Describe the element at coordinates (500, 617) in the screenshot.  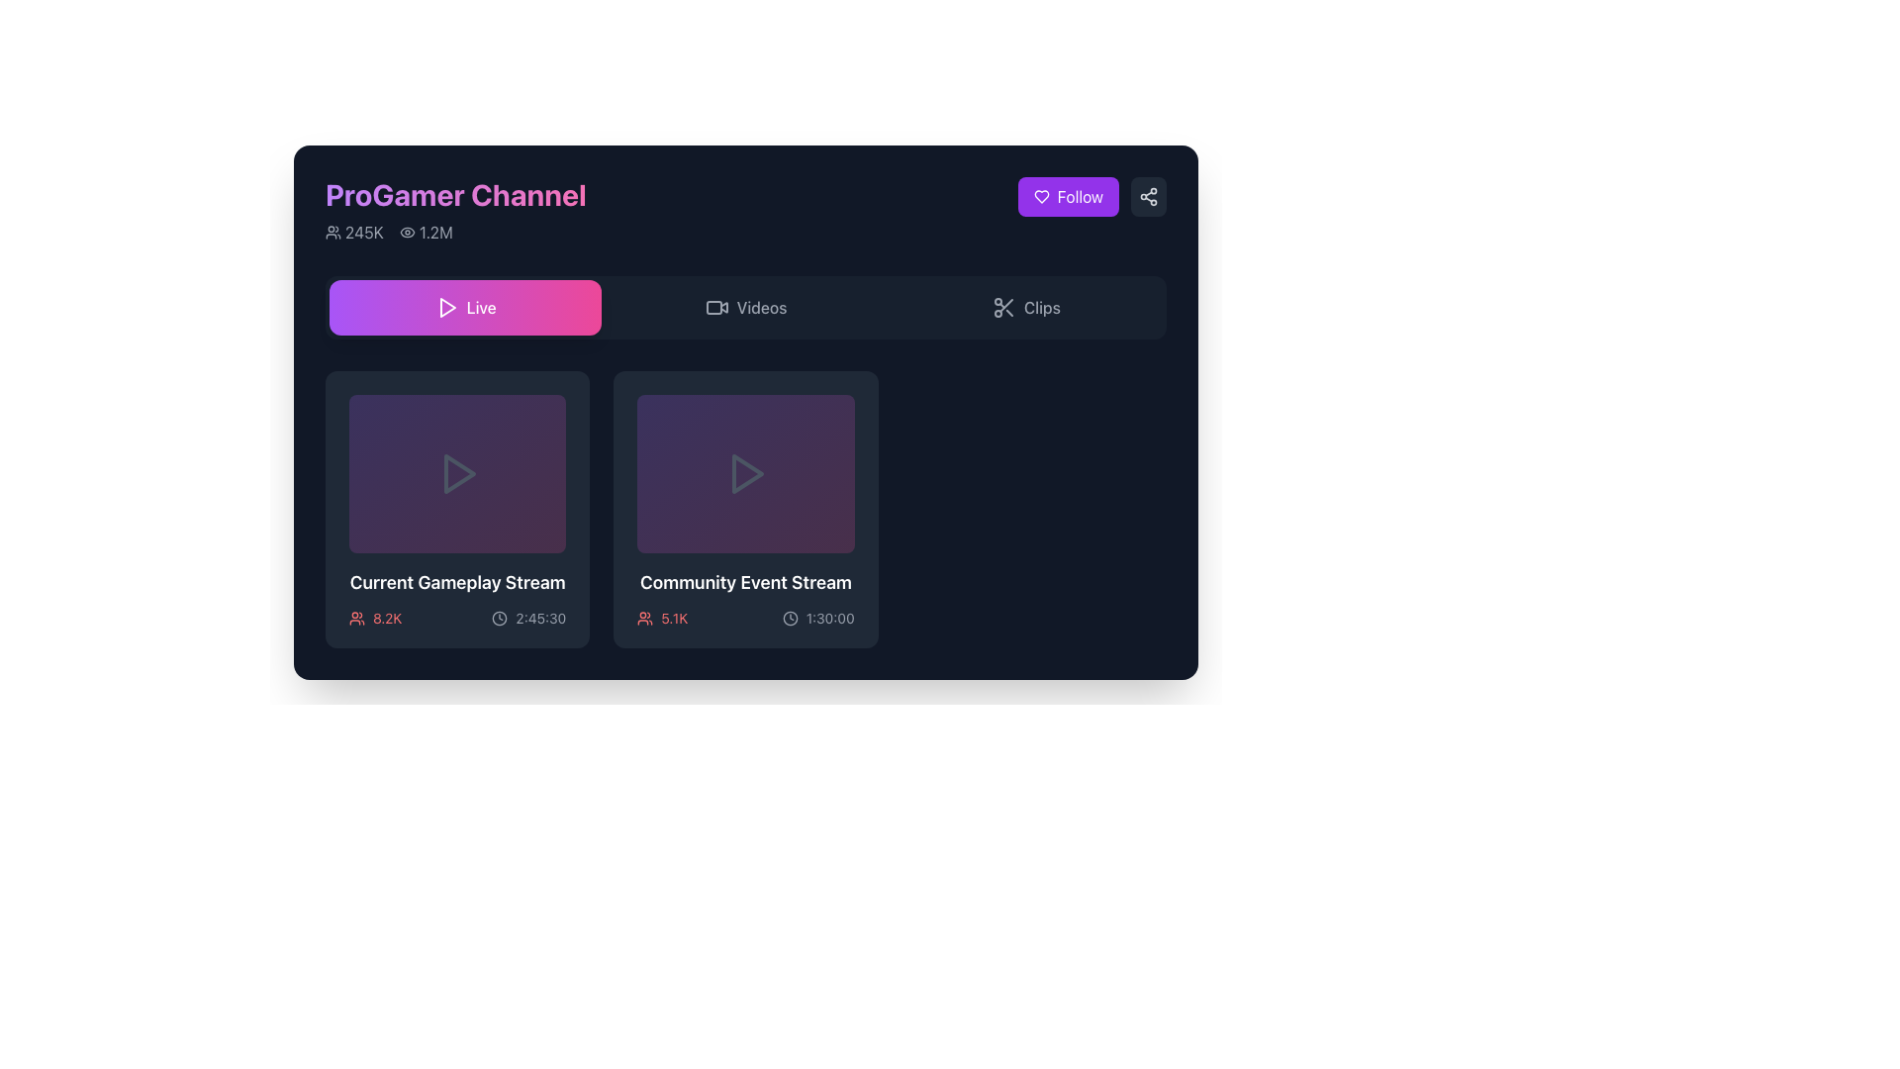
I see `the minimalist clock icon located to the left of the time text '2:45:30' in the lower section of the livestream card` at that location.